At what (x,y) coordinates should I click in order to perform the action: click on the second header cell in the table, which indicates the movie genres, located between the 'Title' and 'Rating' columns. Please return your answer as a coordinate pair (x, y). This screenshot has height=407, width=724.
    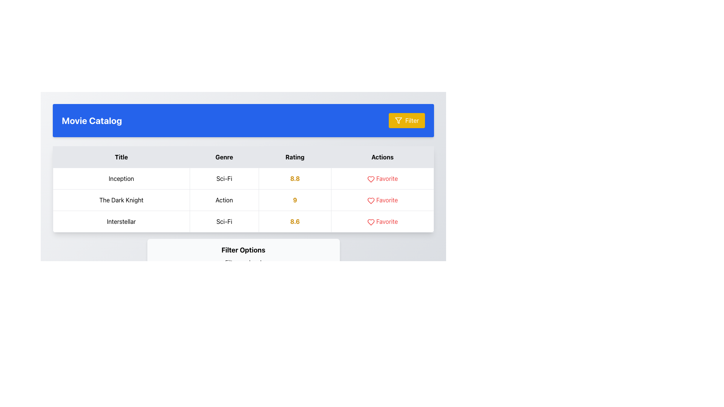
    Looking at the image, I should click on (224, 156).